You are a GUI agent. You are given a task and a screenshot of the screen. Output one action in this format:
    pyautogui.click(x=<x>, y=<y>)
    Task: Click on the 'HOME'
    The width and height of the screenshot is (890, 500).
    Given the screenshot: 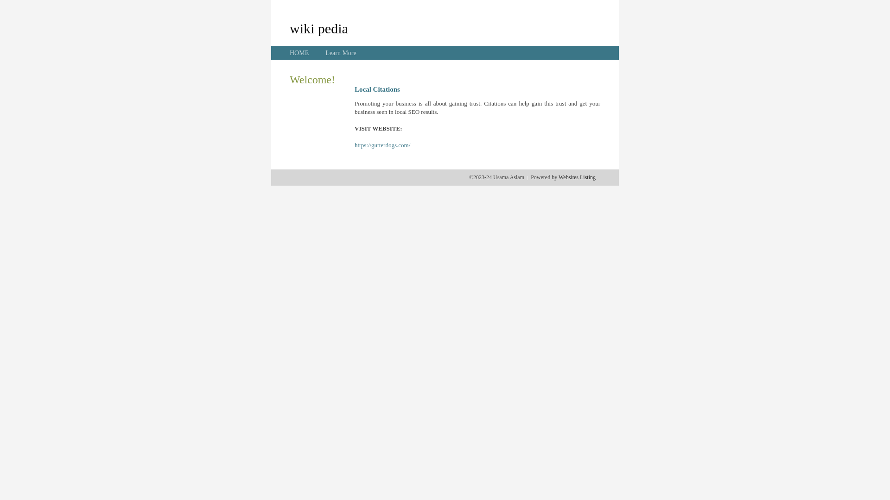 What is the action you would take?
    pyautogui.click(x=289, y=53)
    